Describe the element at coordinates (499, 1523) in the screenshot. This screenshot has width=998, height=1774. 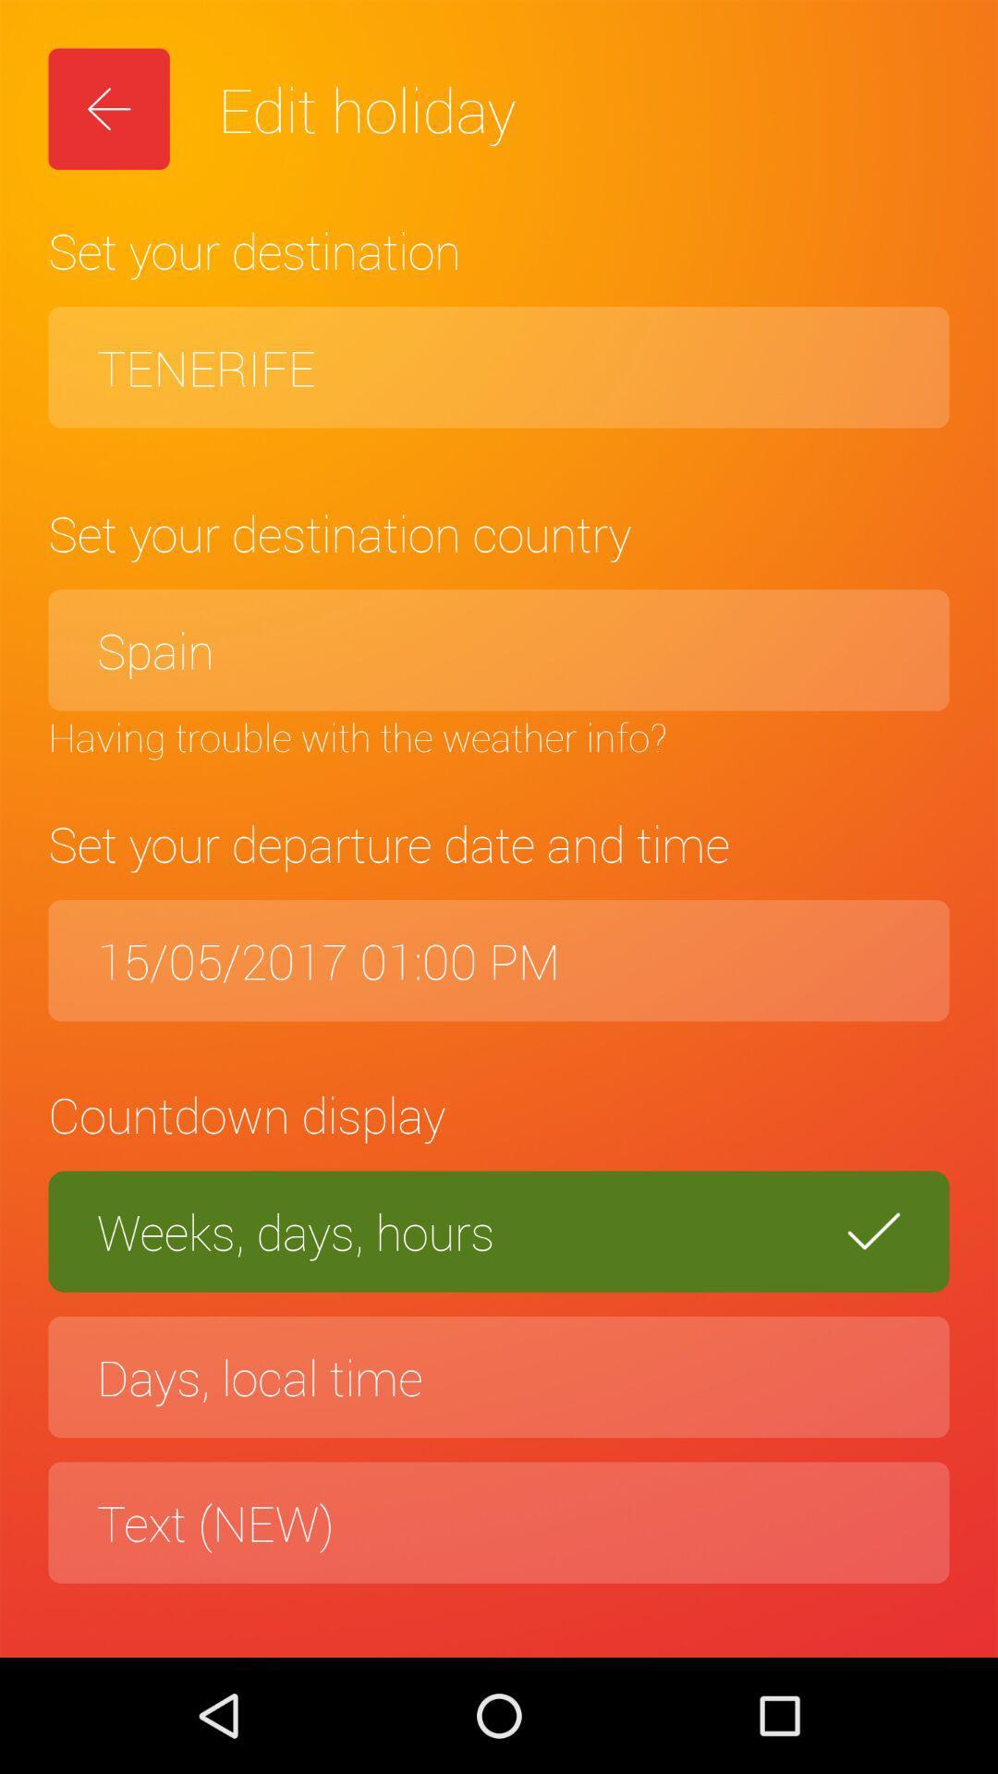
I see `the text (new)` at that location.